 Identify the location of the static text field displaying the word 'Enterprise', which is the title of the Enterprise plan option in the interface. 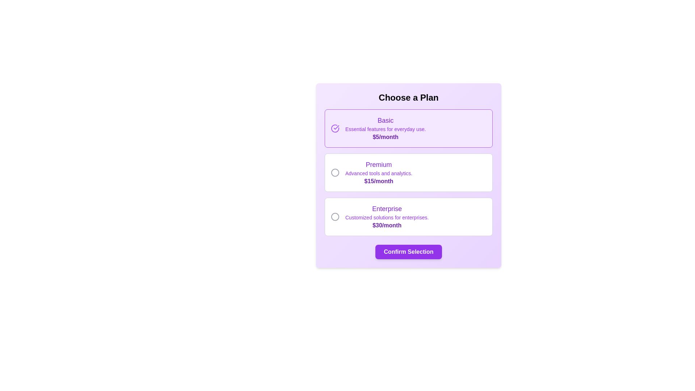
(387, 209).